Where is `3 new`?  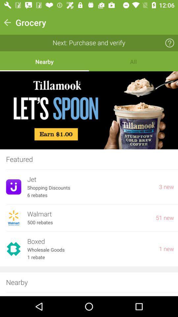
3 new is located at coordinates (166, 187).